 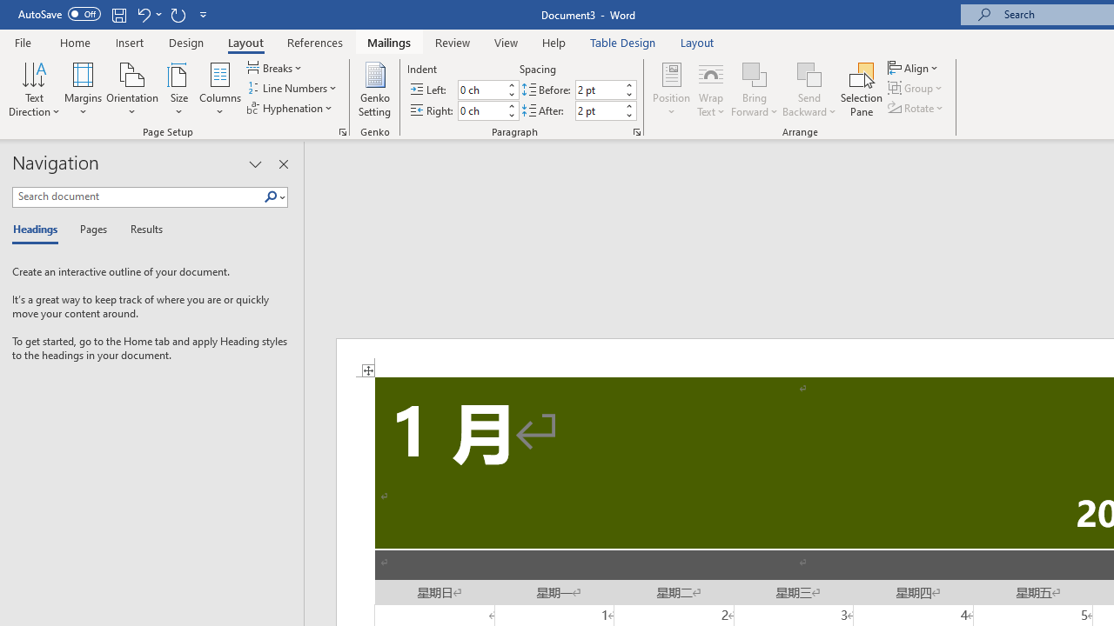 What do you see at coordinates (270, 196) in the screenshot?
I see `'Class: NetUIImage'` at bounding box center [270, 196].